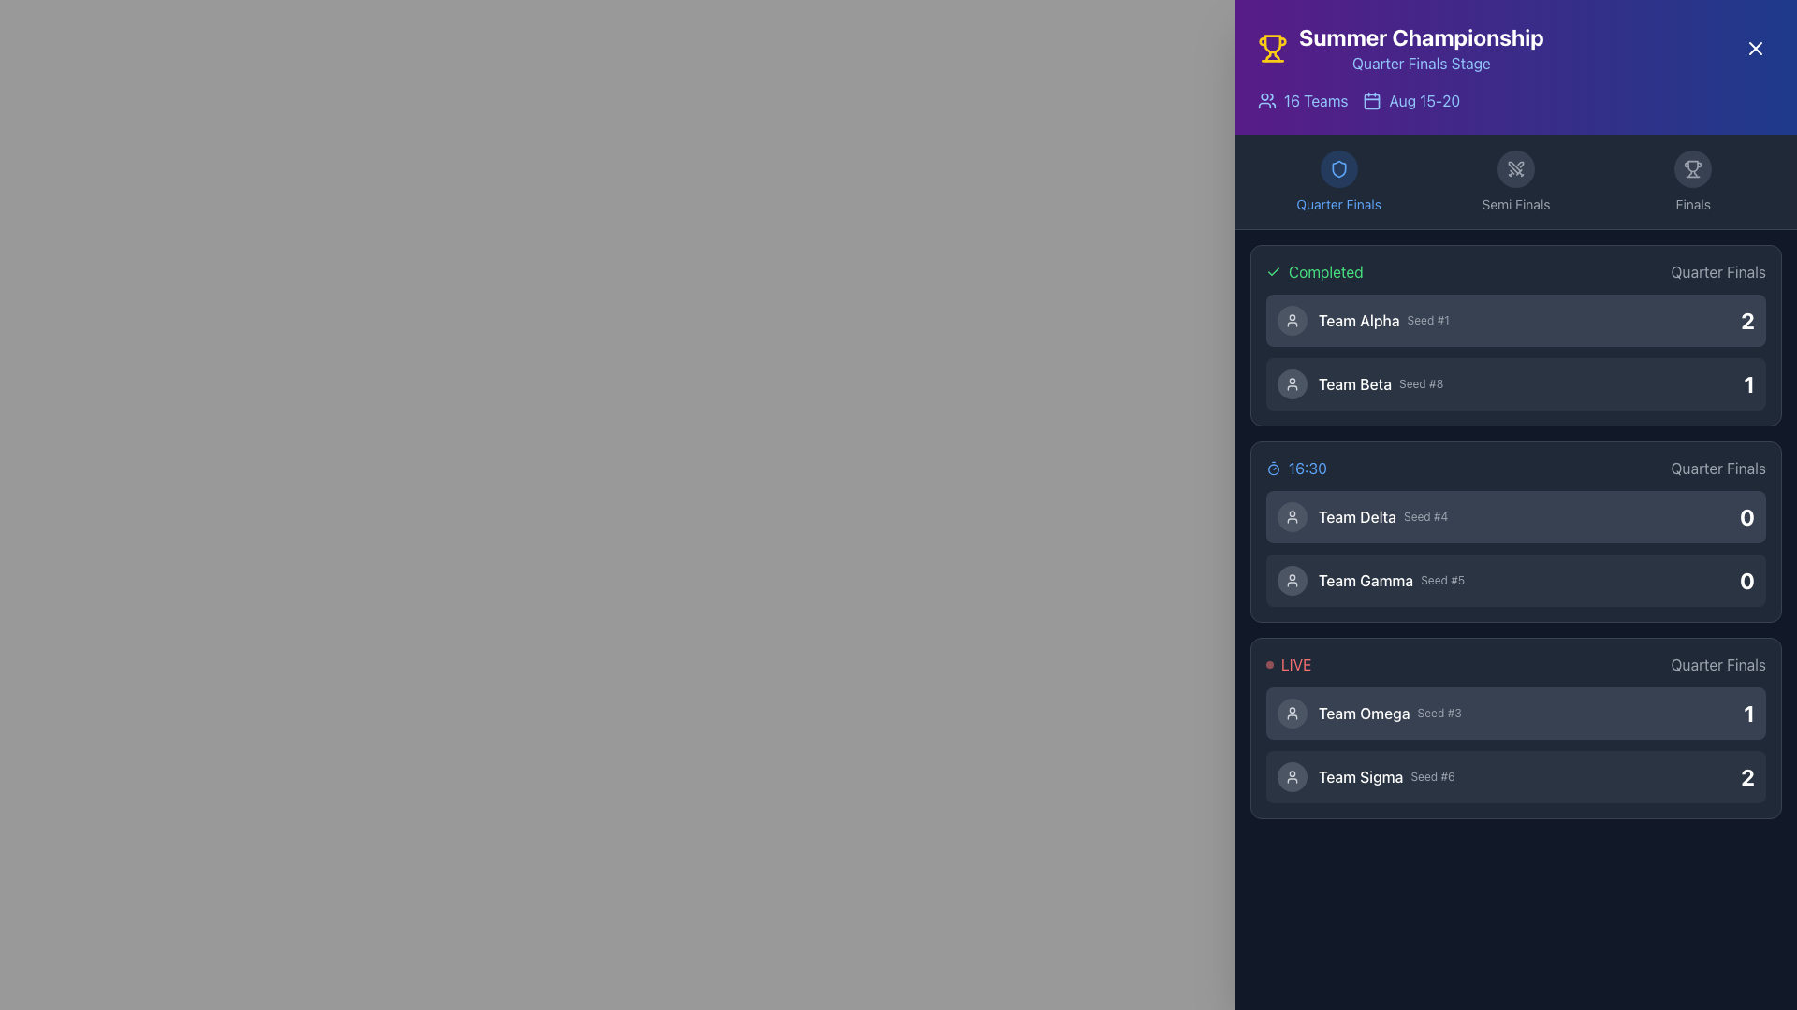 The image size is (1797, 1010). Describe the element at coordinates (1363, 320) in the screenshot. I see `the list item displaying 'Team Alpha Seed #1' with a user icon, located in the 'Completed' section of the Quarter Finals list` at that location.